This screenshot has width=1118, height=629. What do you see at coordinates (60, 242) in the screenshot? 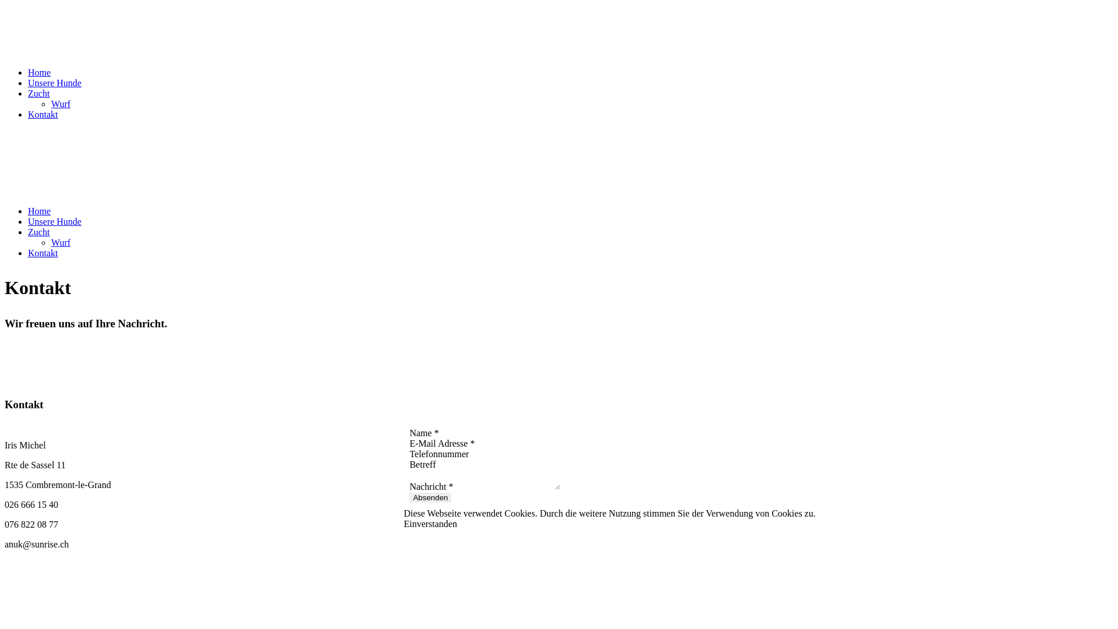
I see `'Wurf'` at bounding box center [60, 242].